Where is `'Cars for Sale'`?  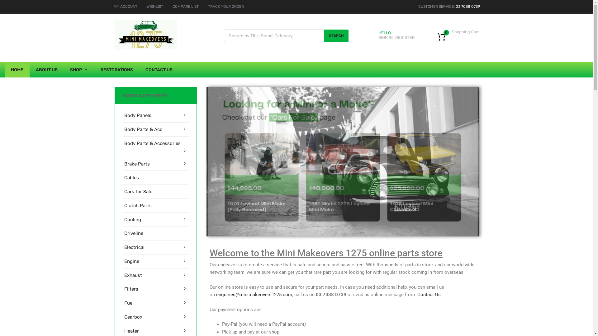 'Cars for Sale' is located at coordinates (137, 191).